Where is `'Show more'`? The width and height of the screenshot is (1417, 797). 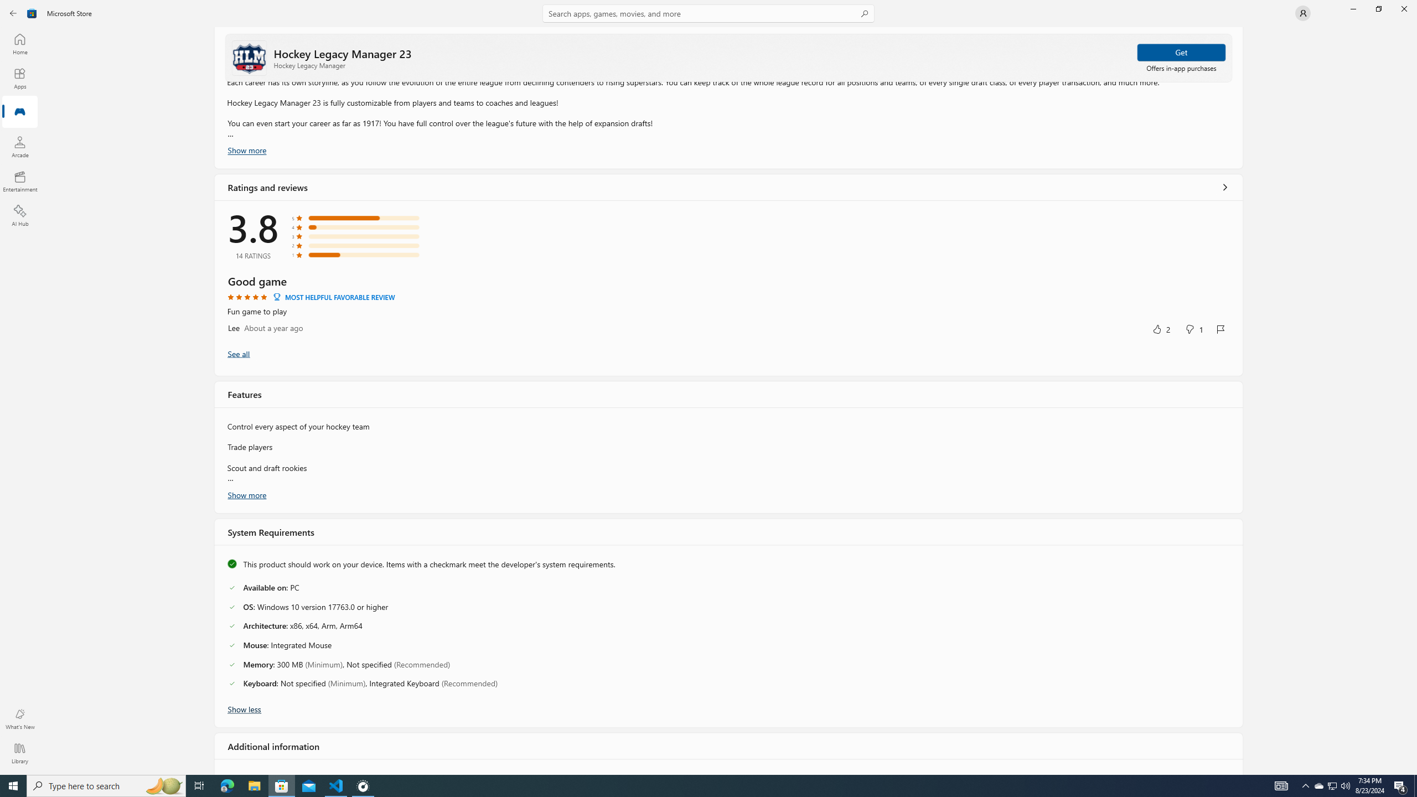 'Show more' is located at coordinates (246, 494).